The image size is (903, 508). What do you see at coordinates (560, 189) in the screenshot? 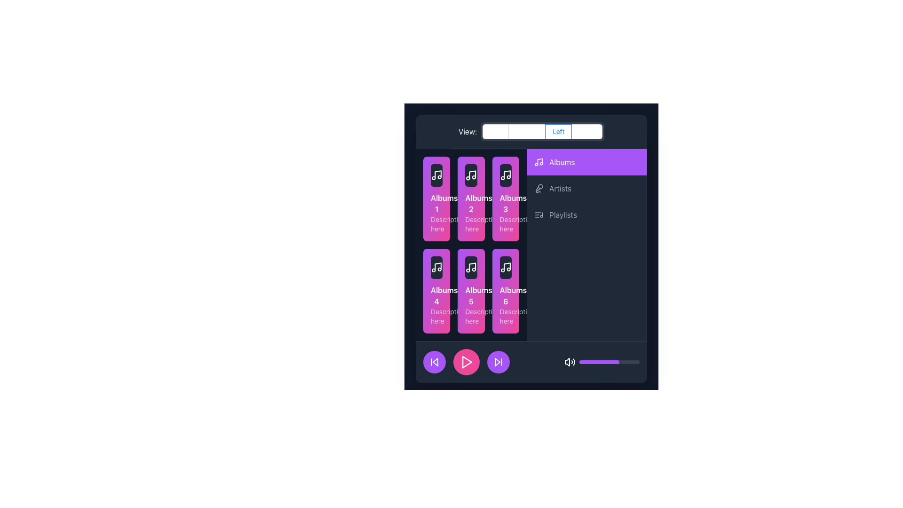
I see `the 'Artists' text label in the sidebar menu` at bounding box center [560, 189].